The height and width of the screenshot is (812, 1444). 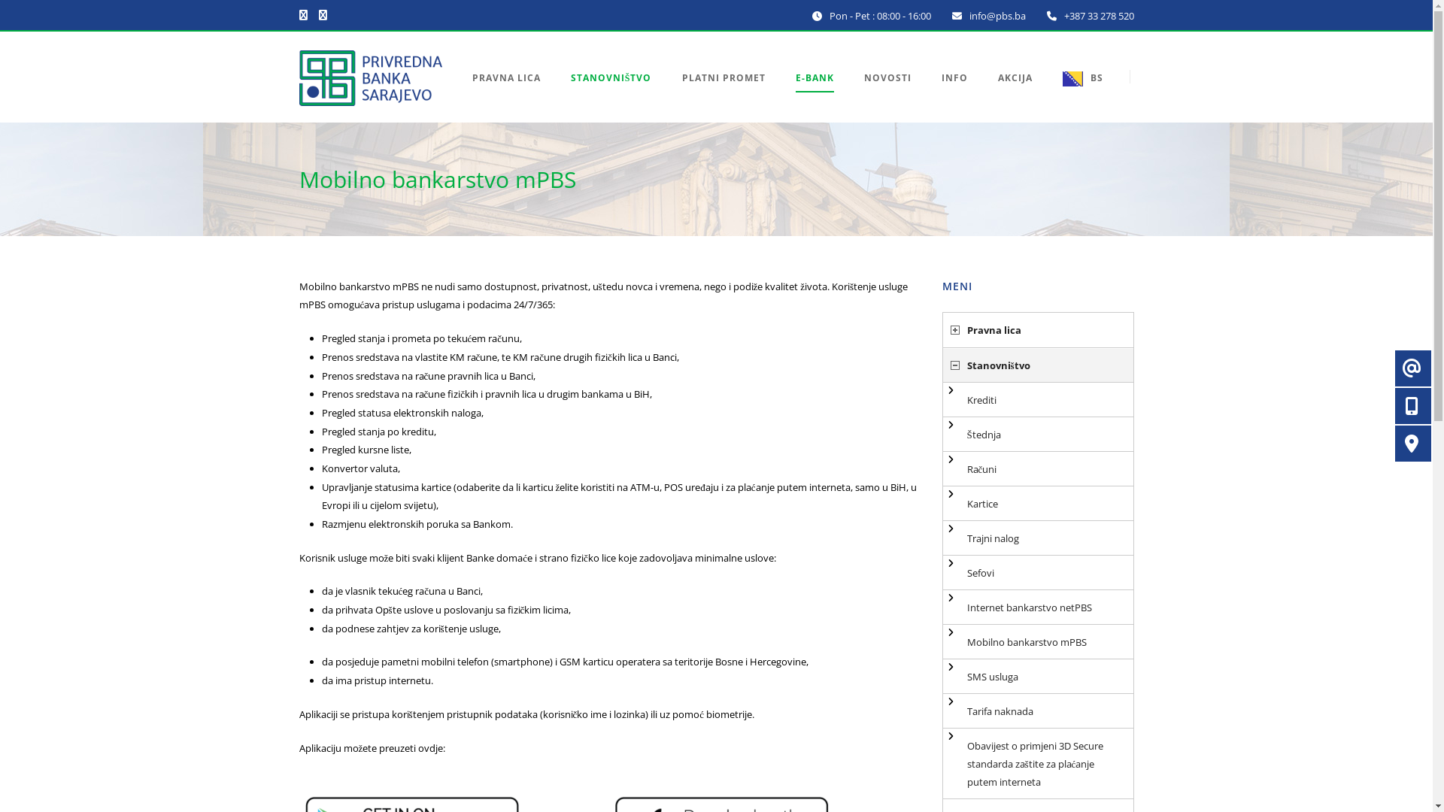 I want to click on 'Tarifa naknada', so click(x=1037, y=710).